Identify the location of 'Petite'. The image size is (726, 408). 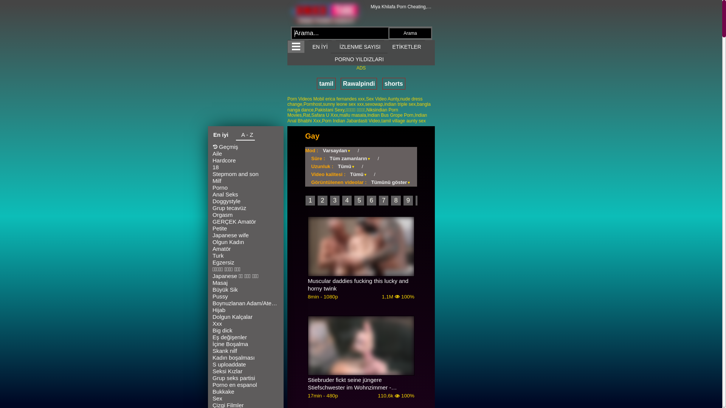
(245, 228).